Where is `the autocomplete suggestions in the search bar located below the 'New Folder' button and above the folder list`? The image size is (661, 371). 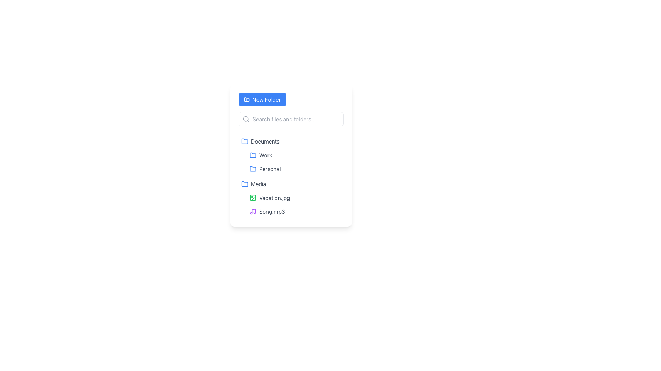
the autocomplete suggestions in the search bar located below the 'New Folder' button and above the folder list is located at coordinates (291, 119).